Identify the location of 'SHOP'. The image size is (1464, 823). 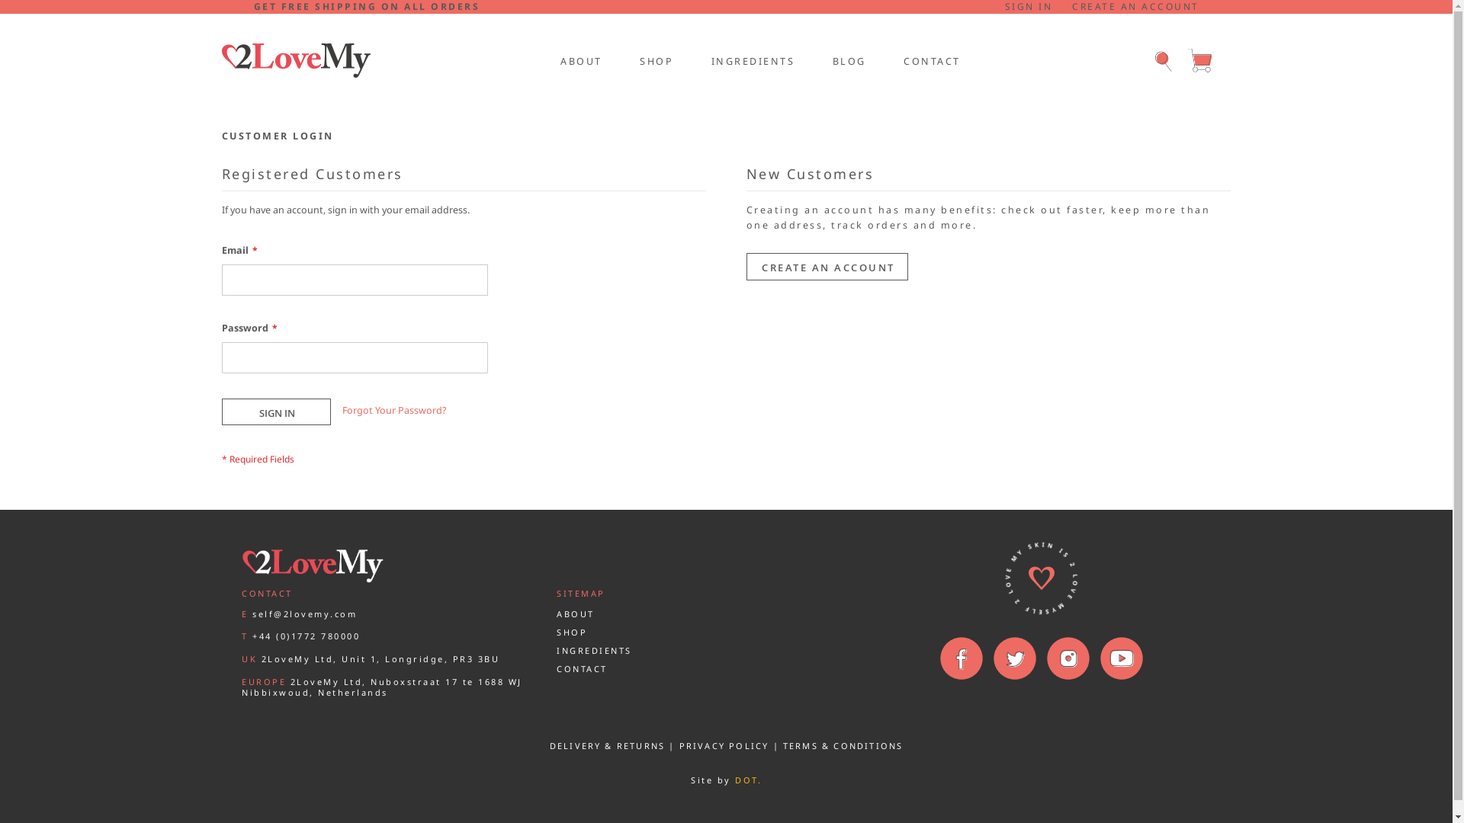
(655, 59).